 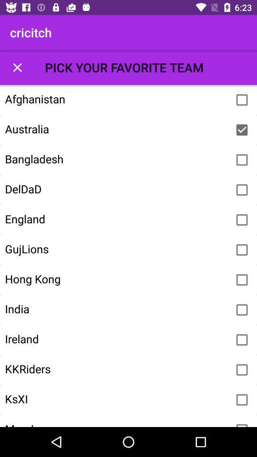 What do you see at coordinates (17, 67) in the screenshot?
I see `filtering options` at bounding box center [17, 67].